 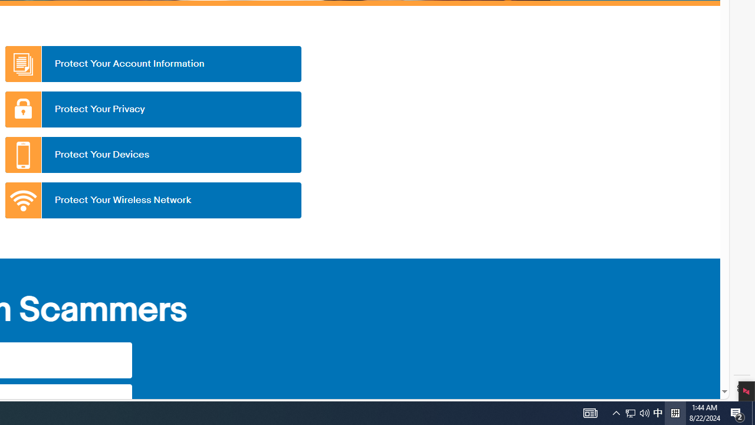 What do you see at coordinates (152, 200) in the screenshot?
I see `'Protect Your Wireless Network'` at bounding box center [152, 200].